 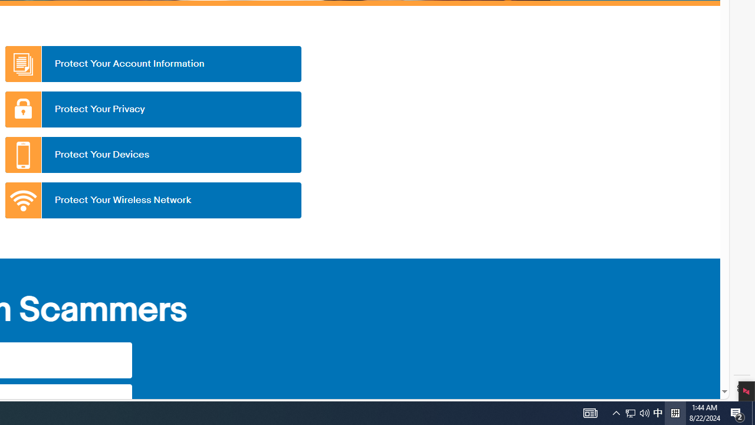 What do you see at coordinates (152, 200) in the screenshot?
I see `'Protect Your Wireless Network'` at bounding box center [152, 200].